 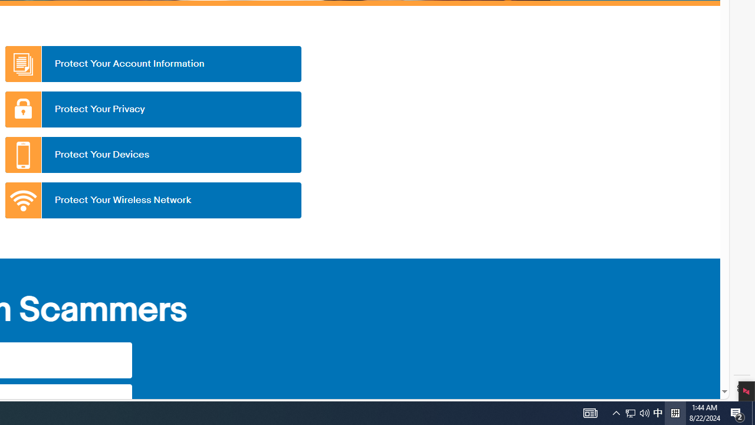 What do you see at coordinates (152, 200) in the screenshot?
I see `'Protect Your Wireless Network'` at bounding box center [152, 200].